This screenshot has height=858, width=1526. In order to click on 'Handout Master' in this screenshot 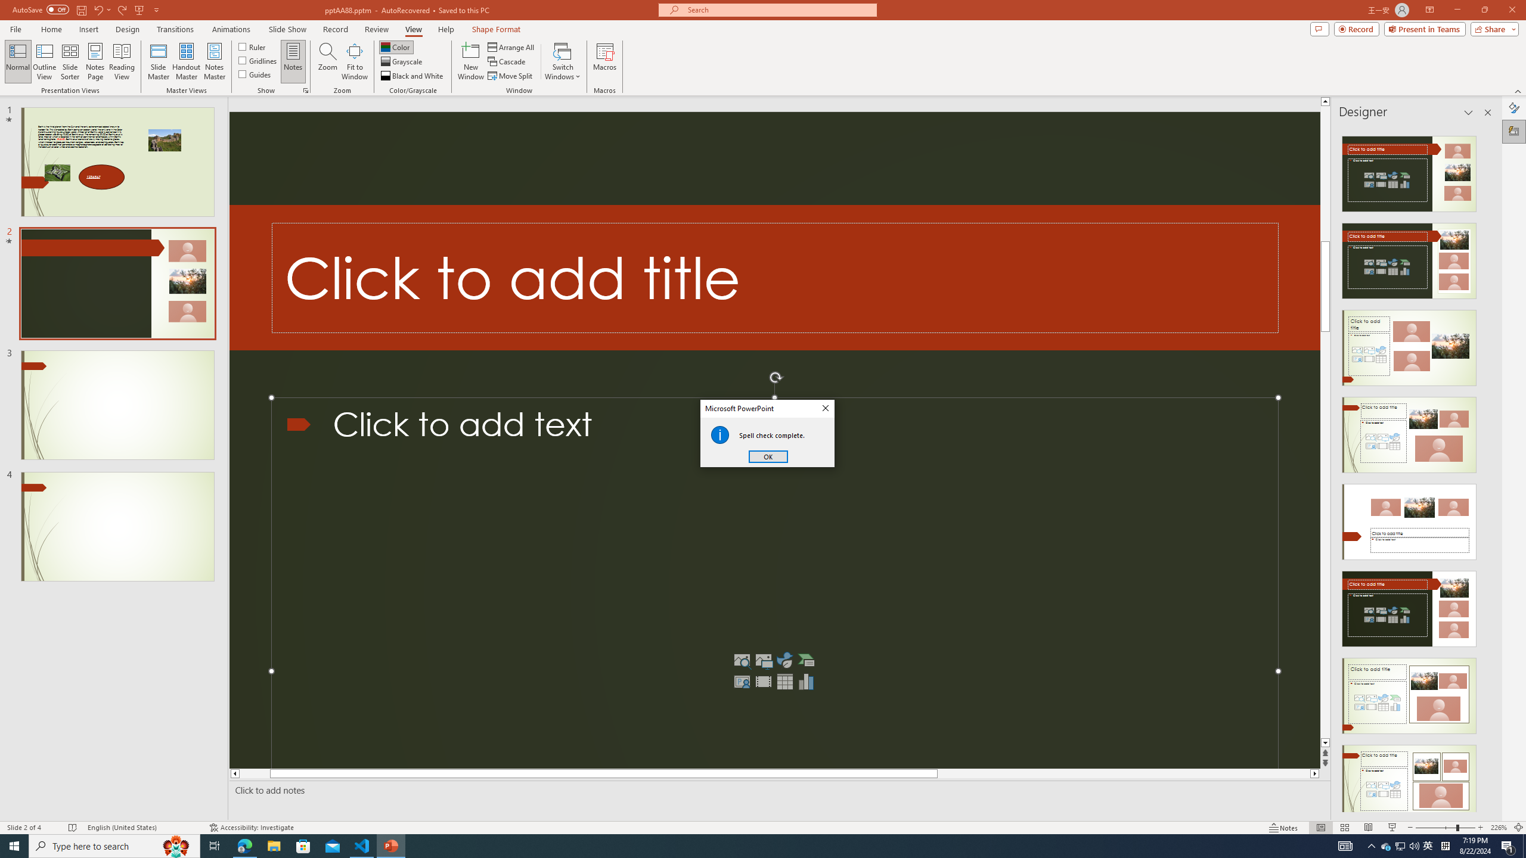, I will do `click(185, 61)`.